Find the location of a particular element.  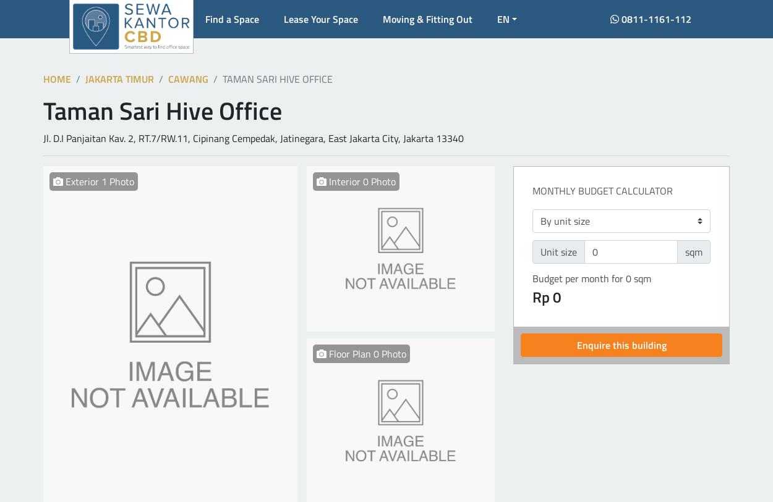

'Enquire this building' is located at coordinates (621, 345).